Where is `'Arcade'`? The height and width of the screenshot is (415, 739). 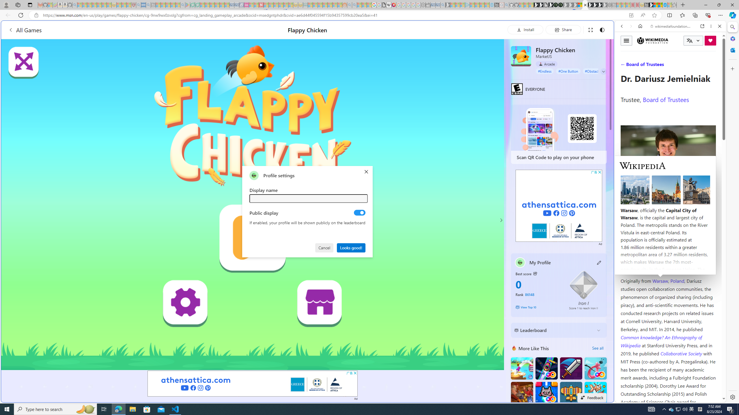 'Arcade' is located at coordinates (546, 64).